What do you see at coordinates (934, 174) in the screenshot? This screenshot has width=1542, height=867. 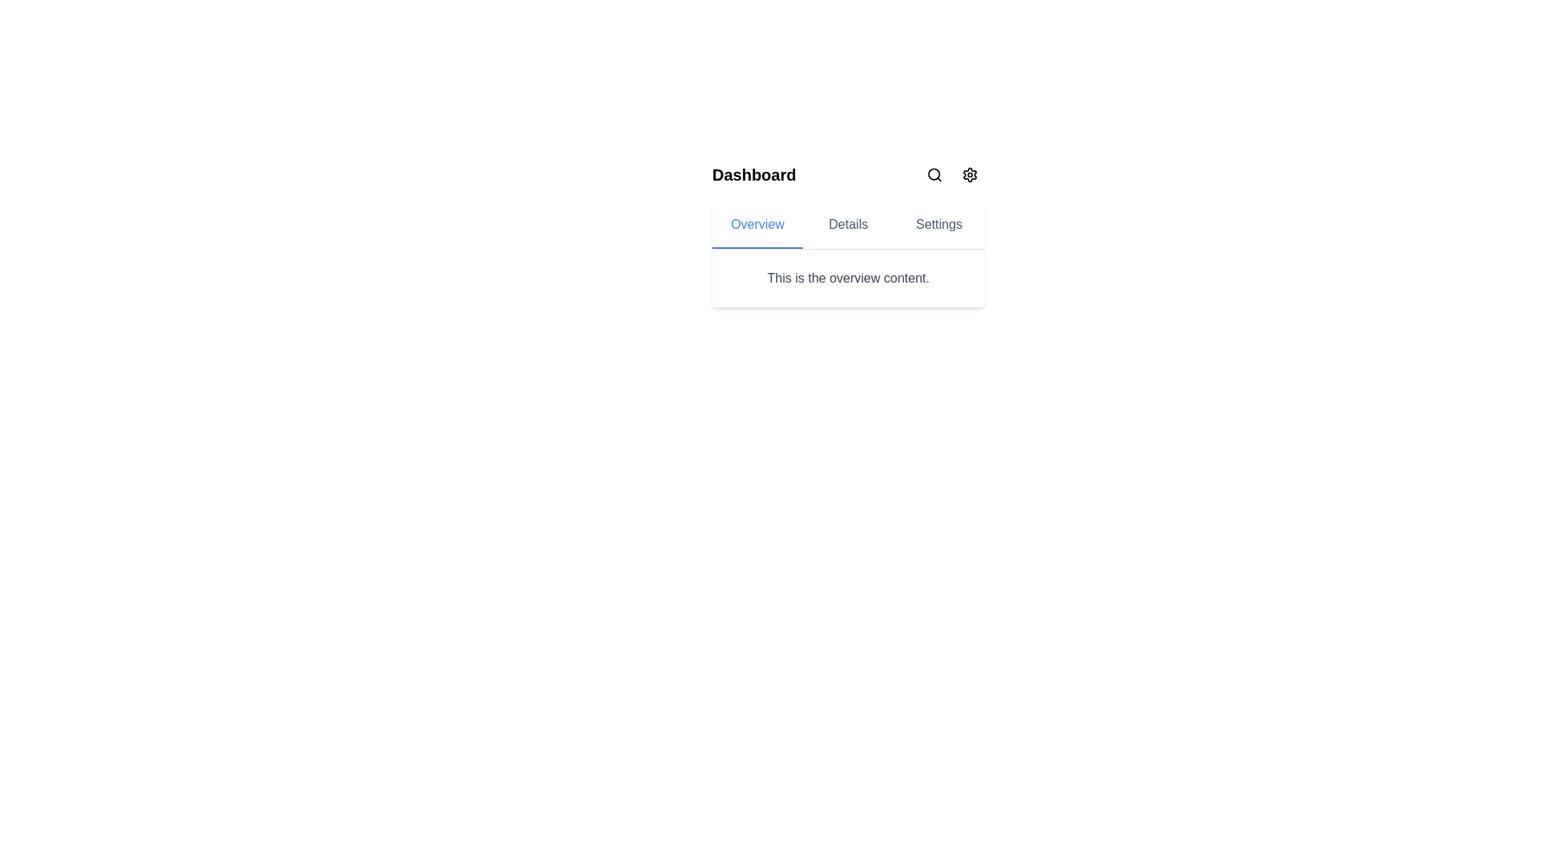 I see `the circular icon that represents the search functionality, which is part of a magnifying glass graphic located next to the 'Dashboard' text at the top of the interface` at bounding box center [934, 174].